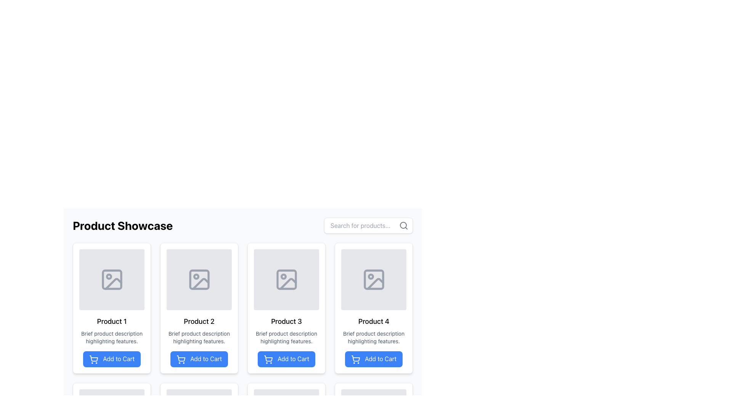  I want to click on the shopping cart icon which is part of the 'Add to Cart' button displayed in a blue rectangular button with the text 'Add to Cart', so click(93, 359).